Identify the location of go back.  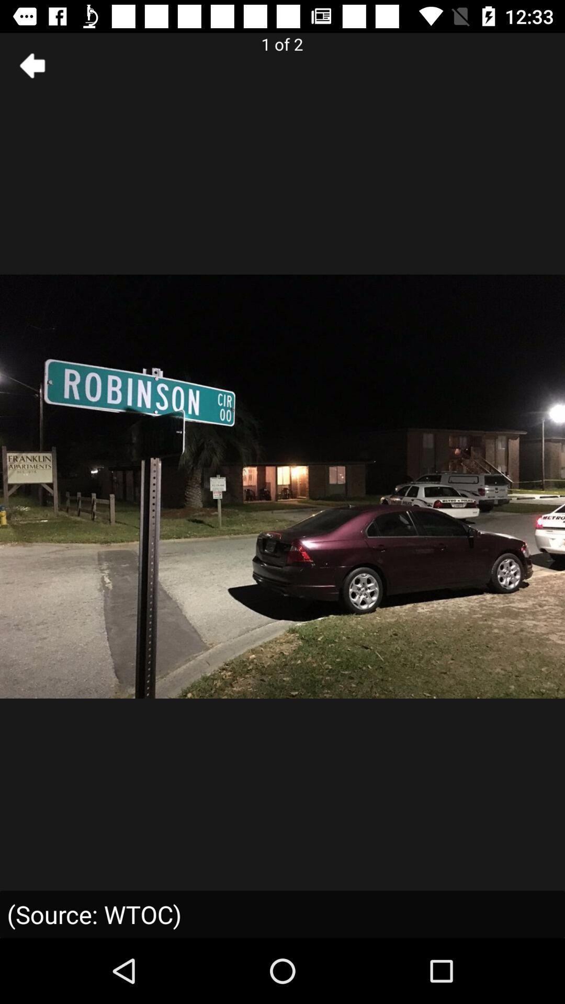
(32, 65).